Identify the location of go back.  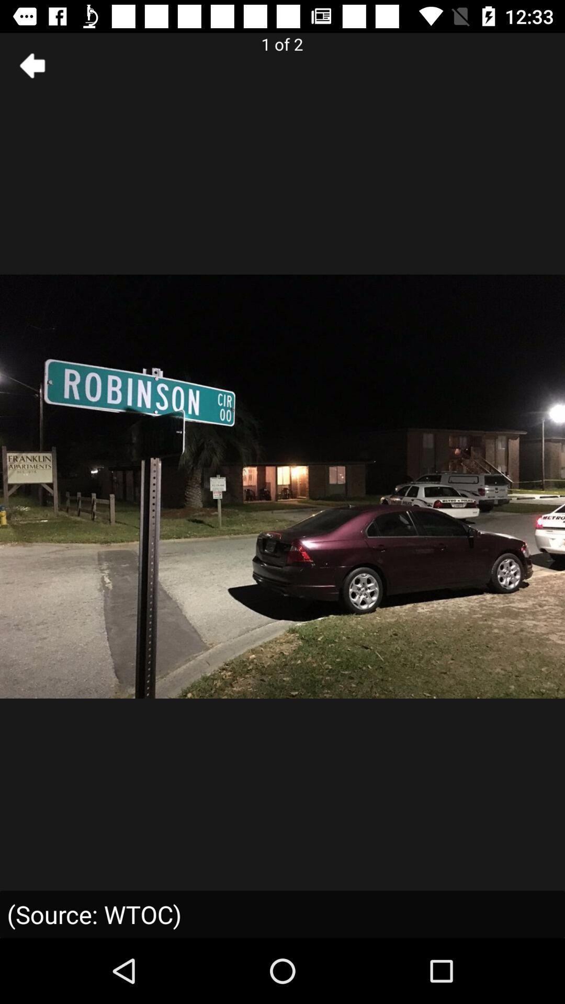
(32, 65).